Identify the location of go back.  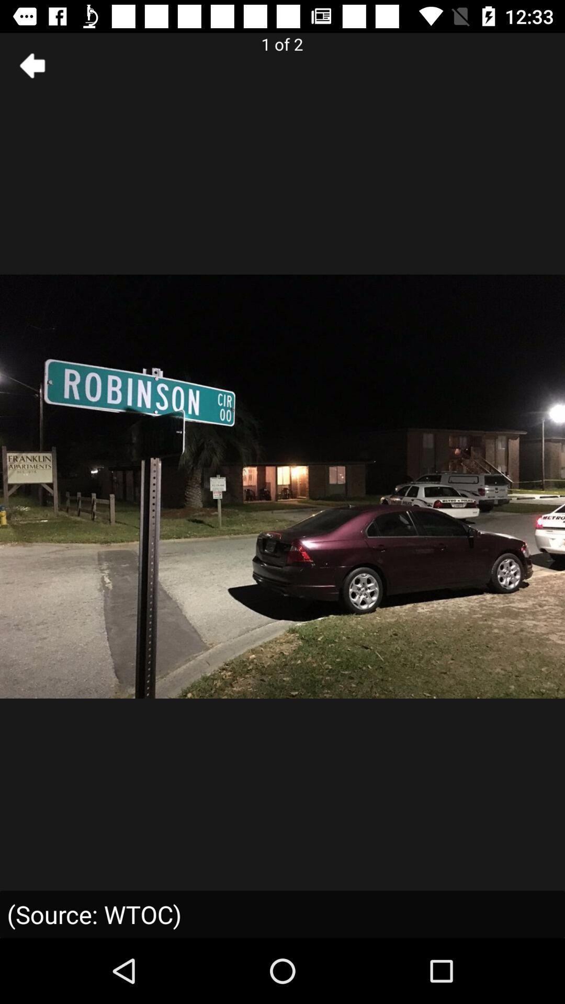
(32, 65).